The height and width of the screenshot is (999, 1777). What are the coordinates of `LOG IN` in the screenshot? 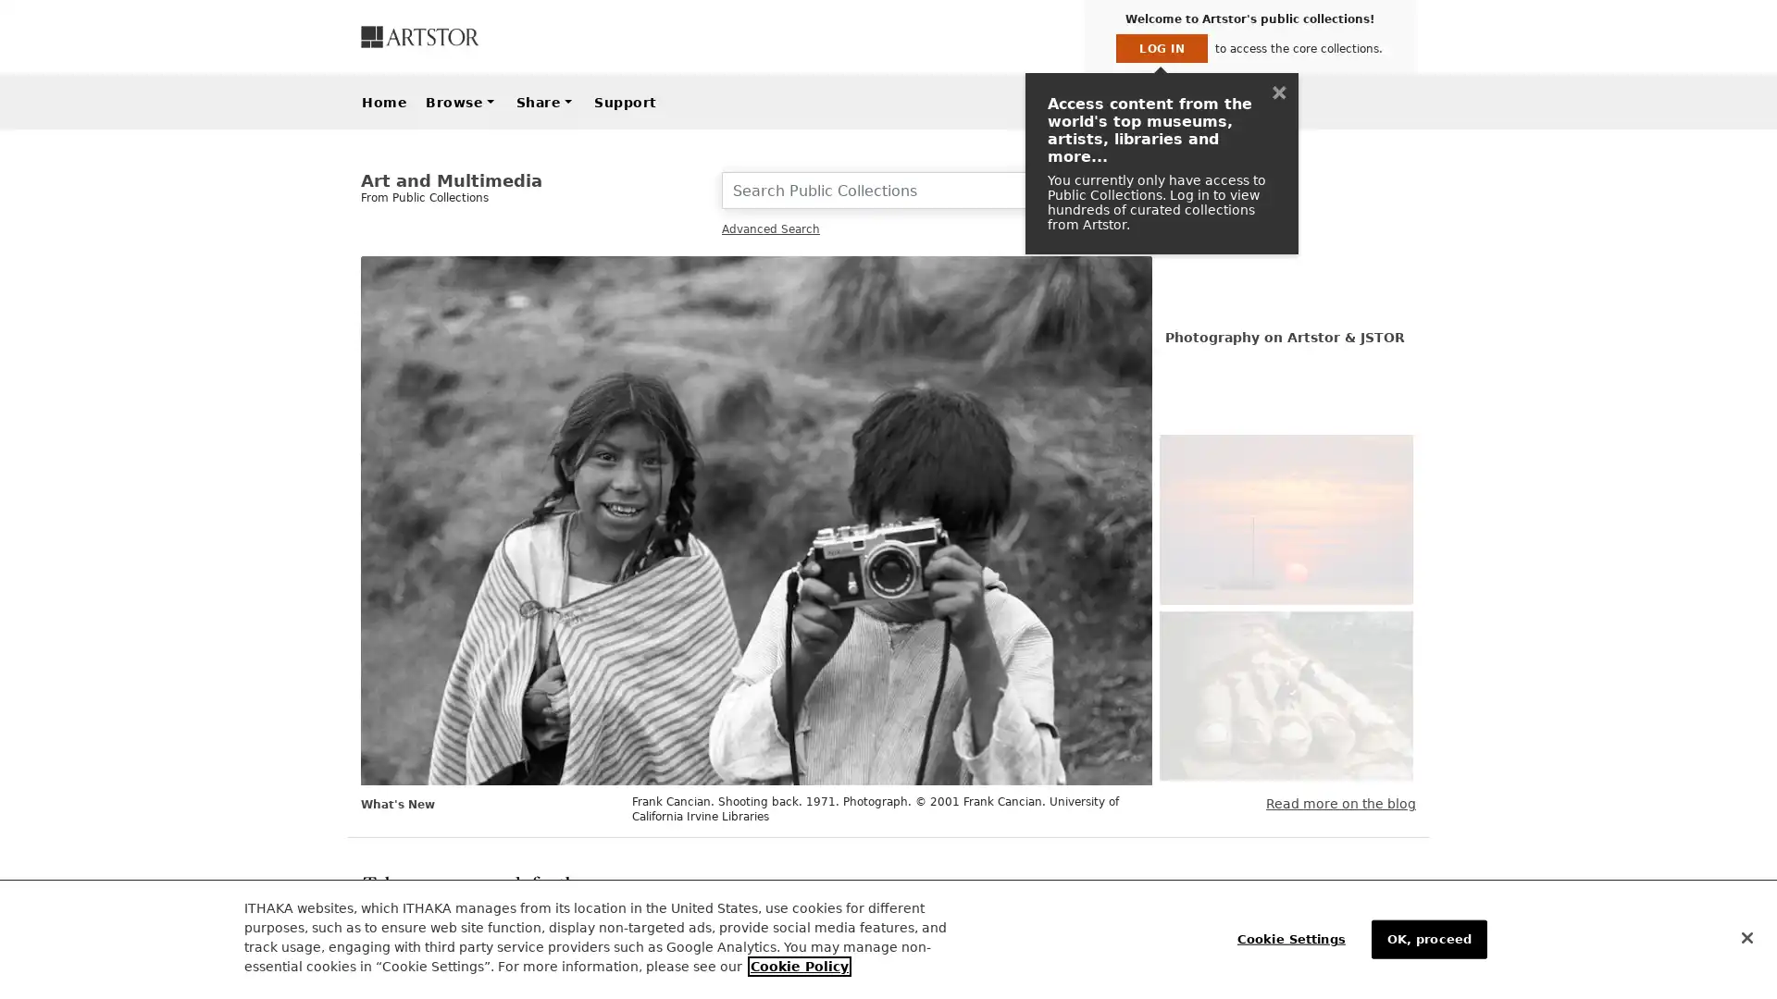 It's located at (1161, 47).